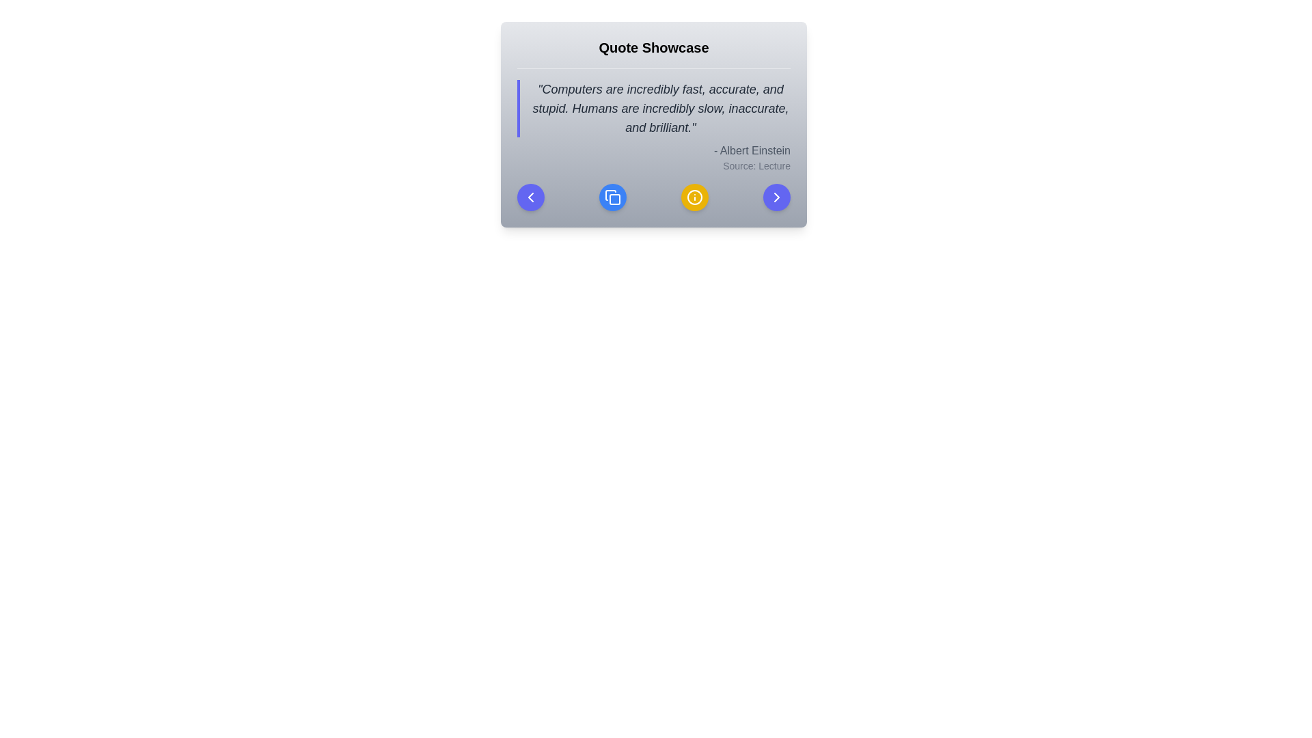 This screenshot has width=1312, height=738. I want to click on the Left Chevron Button, which is a white left-pointing chevron icon centered within a blue circular button, so click(530, 197).